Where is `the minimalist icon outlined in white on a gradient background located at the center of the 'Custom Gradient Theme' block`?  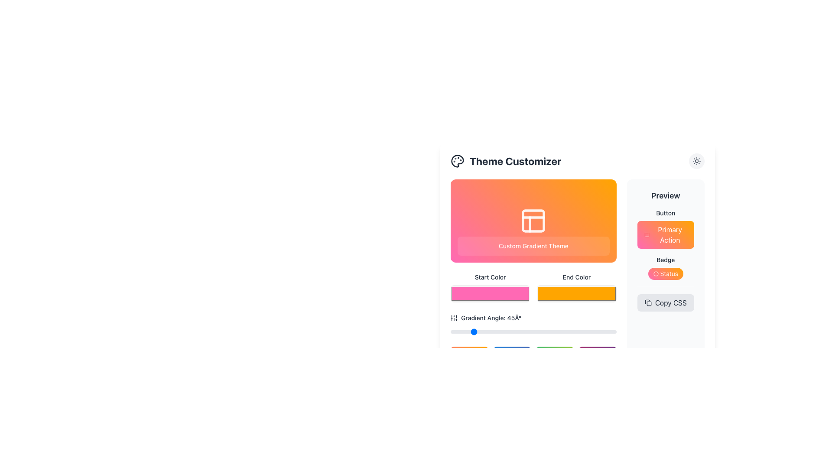 the minimalist icon outlined in white on a gradient background located at the center of the 'Custom Gradient Theme' block is located at coordinates (533, 220).